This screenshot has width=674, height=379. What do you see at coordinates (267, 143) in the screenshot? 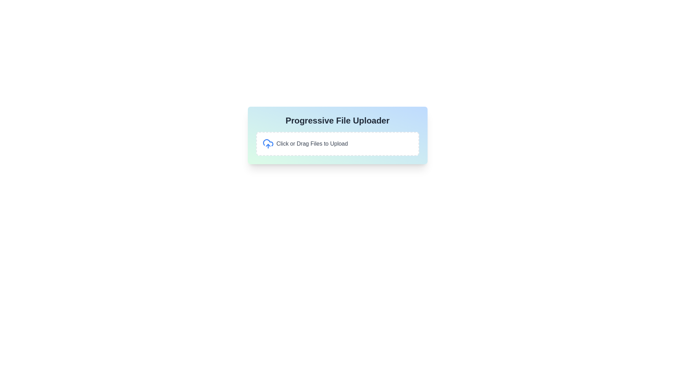
I see `the visual representation of the cloud icon with an upward arrow, which symbolizes file upload functionality, located within the bordered rectangular area labeled 'Click or Drag Files to Upload'` at bounding box center [267, 143].